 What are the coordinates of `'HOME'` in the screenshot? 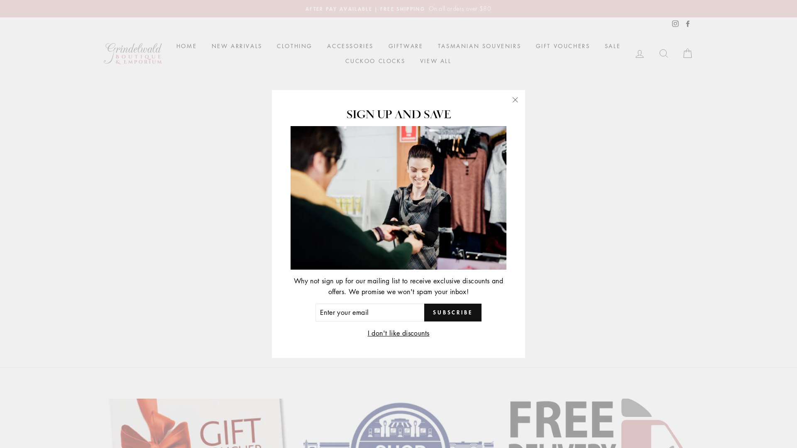 It's located at (186, 46).